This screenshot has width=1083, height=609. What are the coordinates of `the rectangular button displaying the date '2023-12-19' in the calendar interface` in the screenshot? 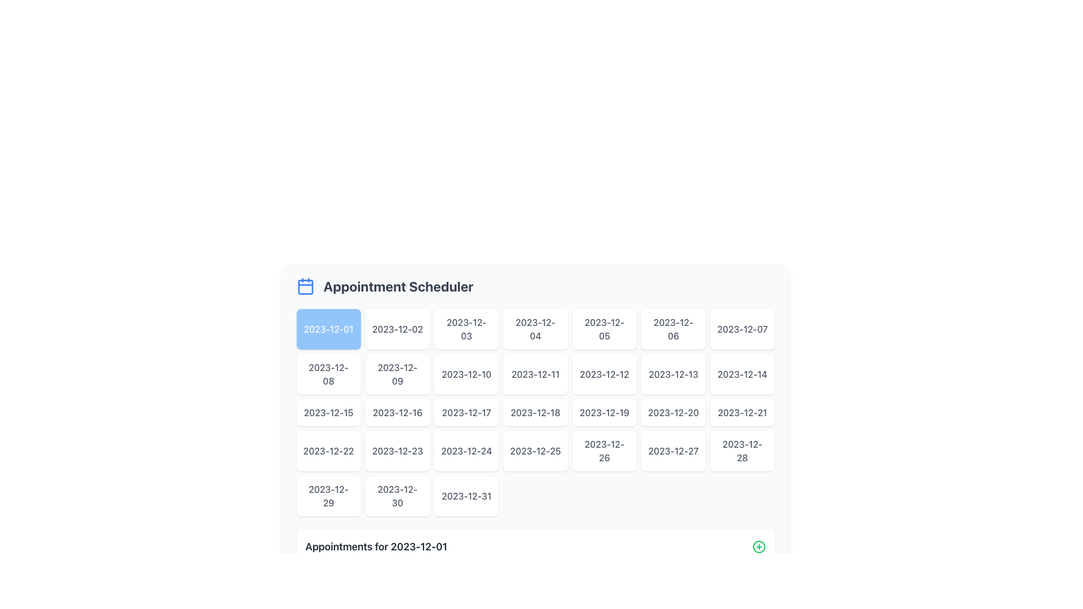 It's located at (604, 413).